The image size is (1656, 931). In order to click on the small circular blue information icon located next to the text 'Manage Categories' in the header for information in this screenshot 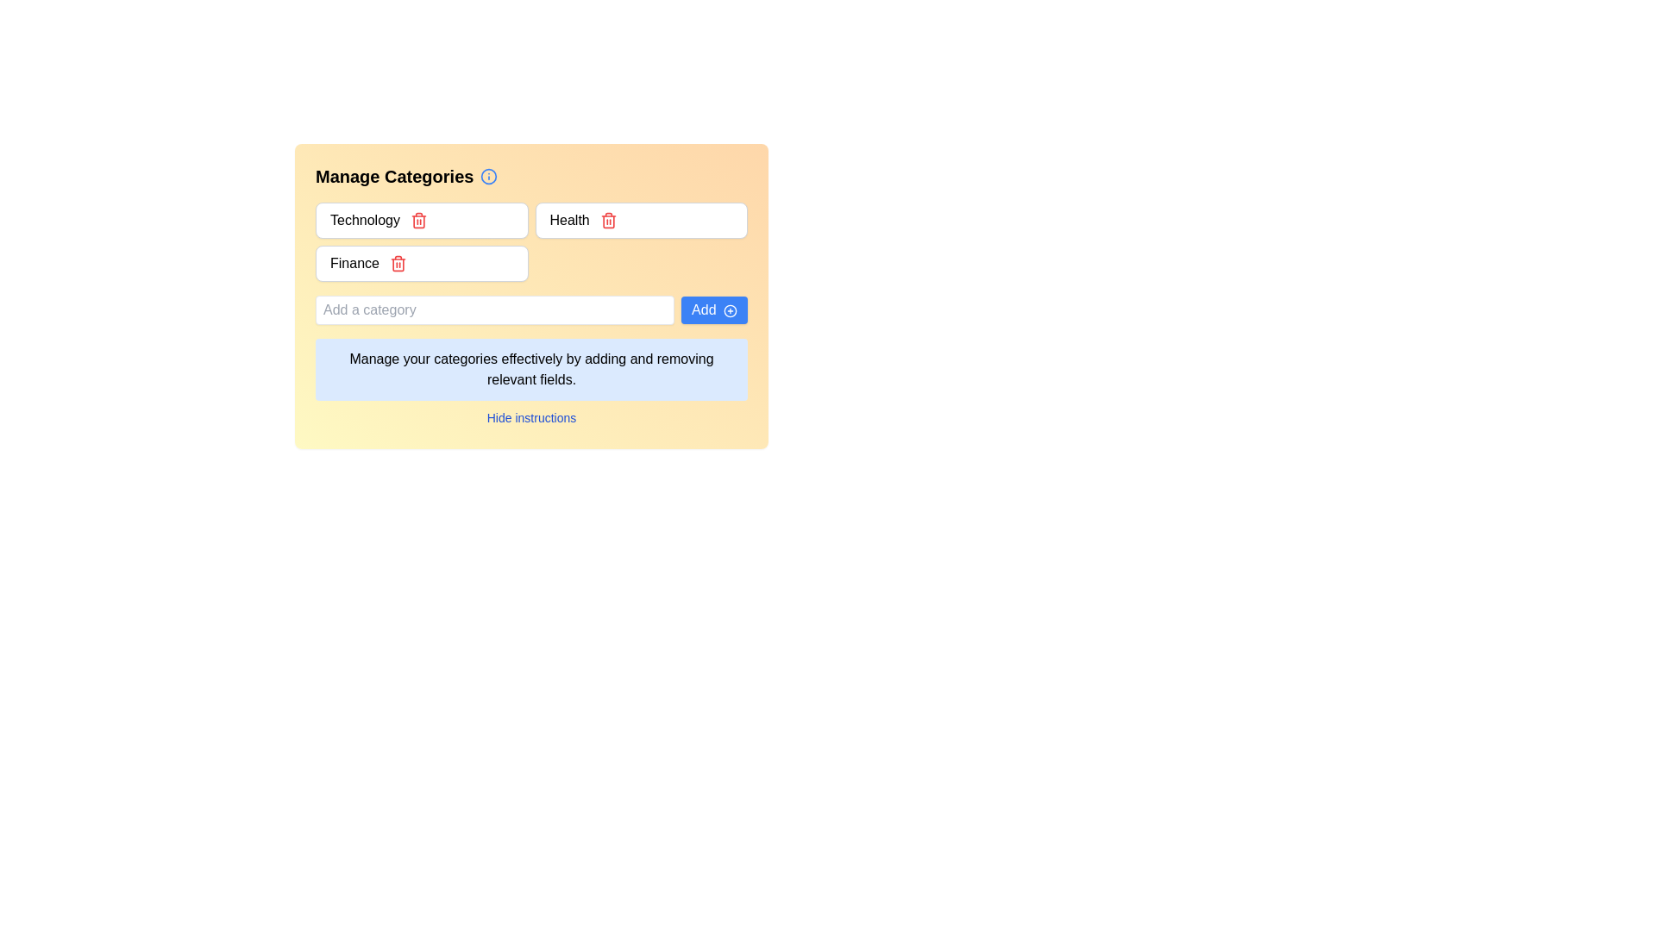, I will do `click(488, 176)`.